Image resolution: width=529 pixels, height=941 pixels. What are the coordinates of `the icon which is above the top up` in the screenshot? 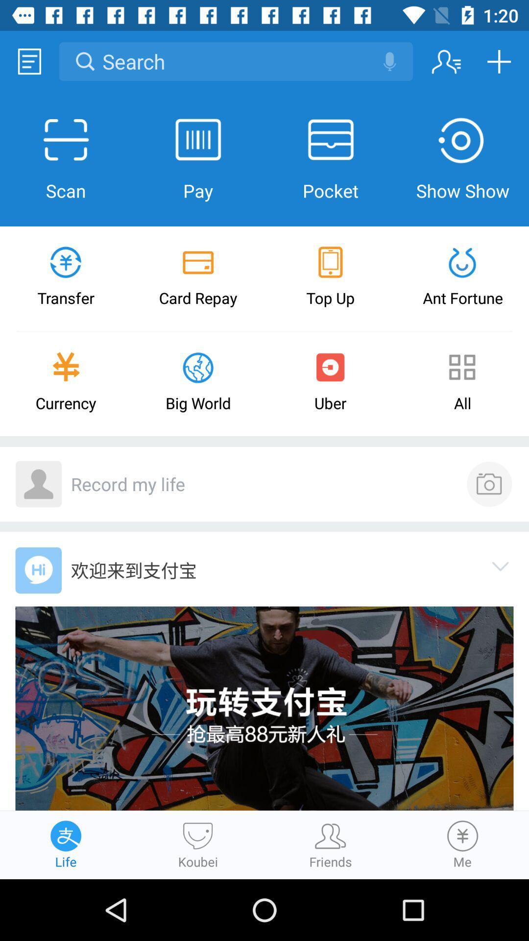 It's located at (330, 262).